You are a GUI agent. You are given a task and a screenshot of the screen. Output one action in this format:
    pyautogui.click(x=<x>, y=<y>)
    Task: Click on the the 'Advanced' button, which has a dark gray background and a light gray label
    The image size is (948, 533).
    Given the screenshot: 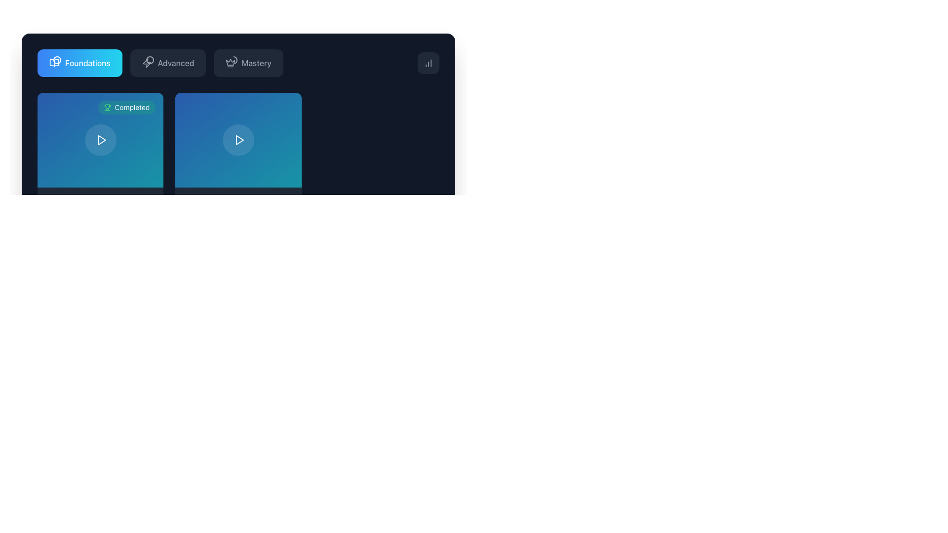 What is the action you would take?
    pyautogui.click(x=168, y=63)
    